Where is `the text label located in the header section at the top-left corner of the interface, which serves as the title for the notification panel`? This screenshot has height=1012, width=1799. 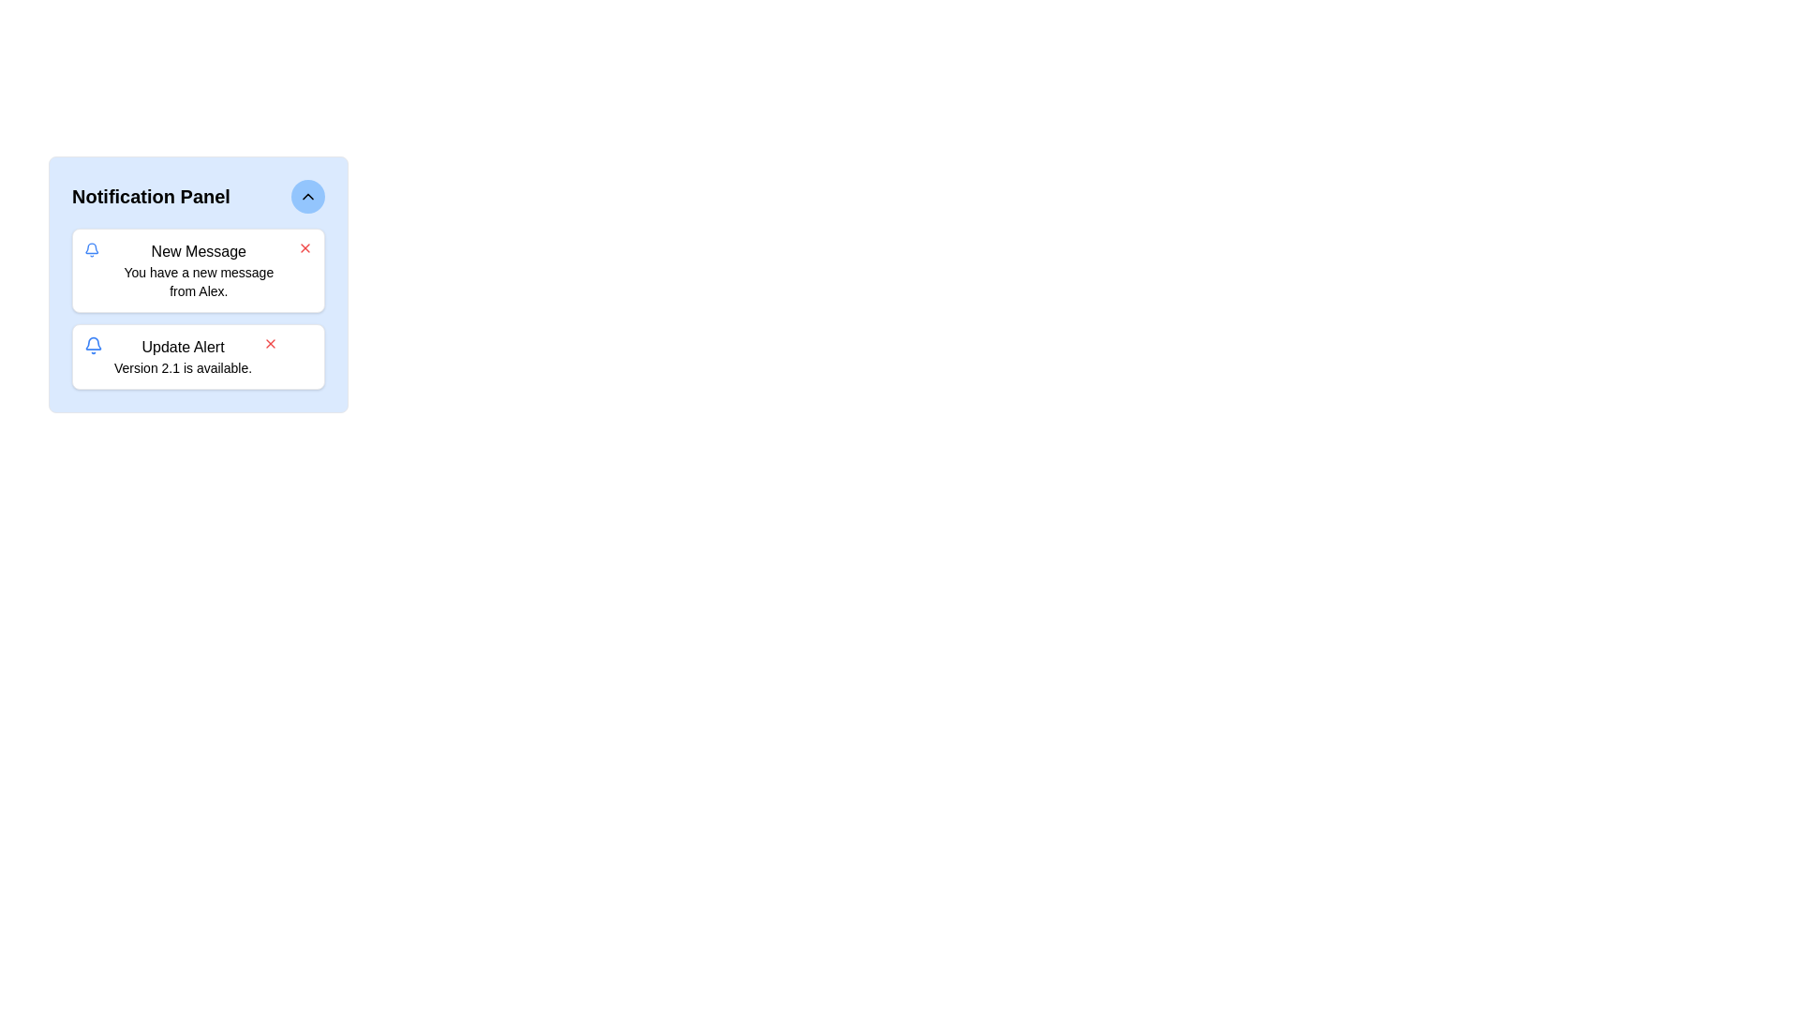
the text label located in the header section at the top-left corner of the interface, which serves as the title for the notification panel is located at coordinates (151, 196).